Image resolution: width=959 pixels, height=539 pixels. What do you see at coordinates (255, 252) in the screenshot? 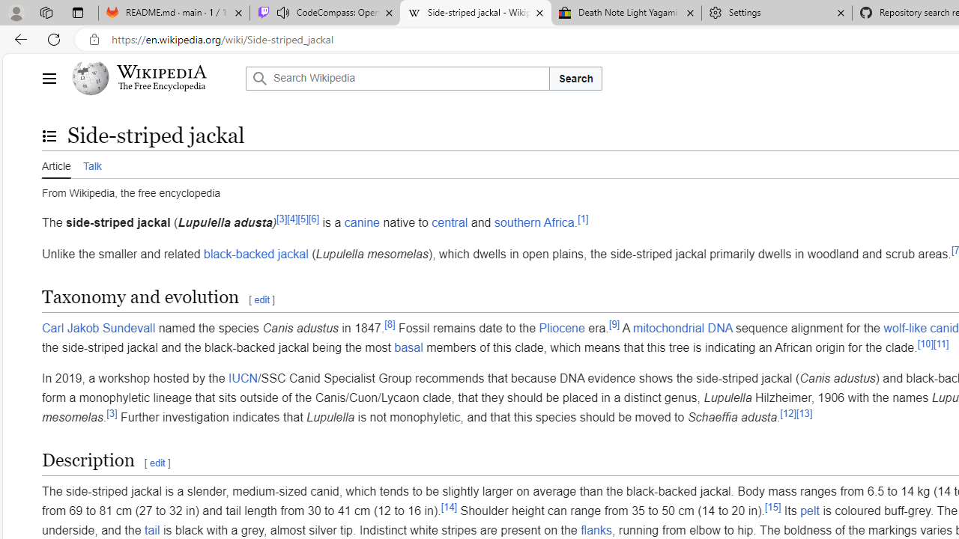
I see `'black-backed jackal'` at bounding box center [255, 252].